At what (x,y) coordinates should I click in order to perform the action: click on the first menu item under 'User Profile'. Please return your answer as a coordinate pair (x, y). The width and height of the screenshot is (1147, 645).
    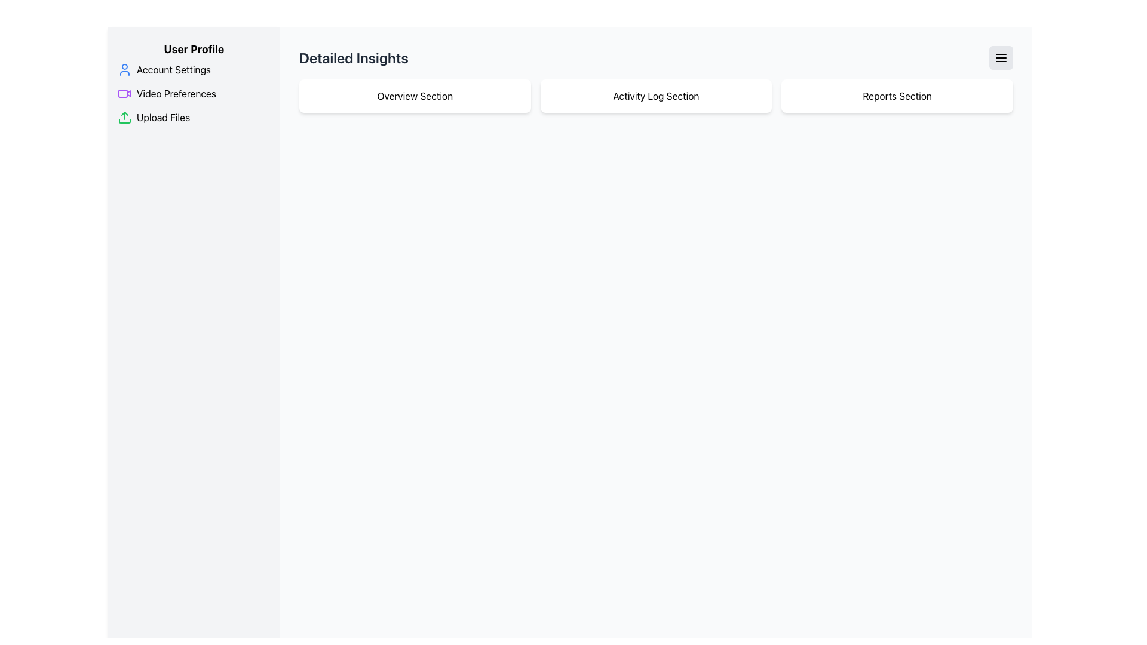
    Looking at the image, I should click on (194, 69).